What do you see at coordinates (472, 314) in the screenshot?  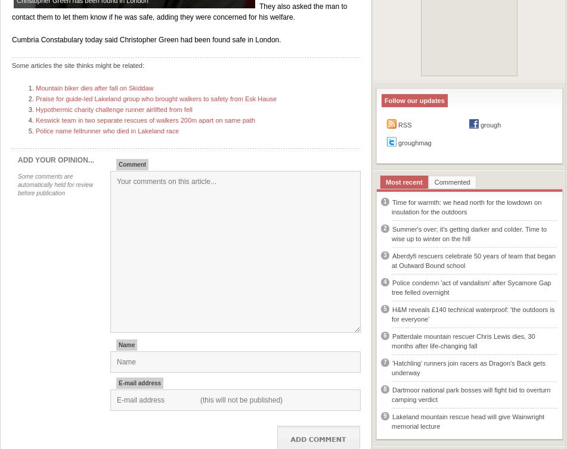 I see `'H&M reveals £140 technical waterproof: 'the outdoors is for everyone''` at bounding box center [472, 314].